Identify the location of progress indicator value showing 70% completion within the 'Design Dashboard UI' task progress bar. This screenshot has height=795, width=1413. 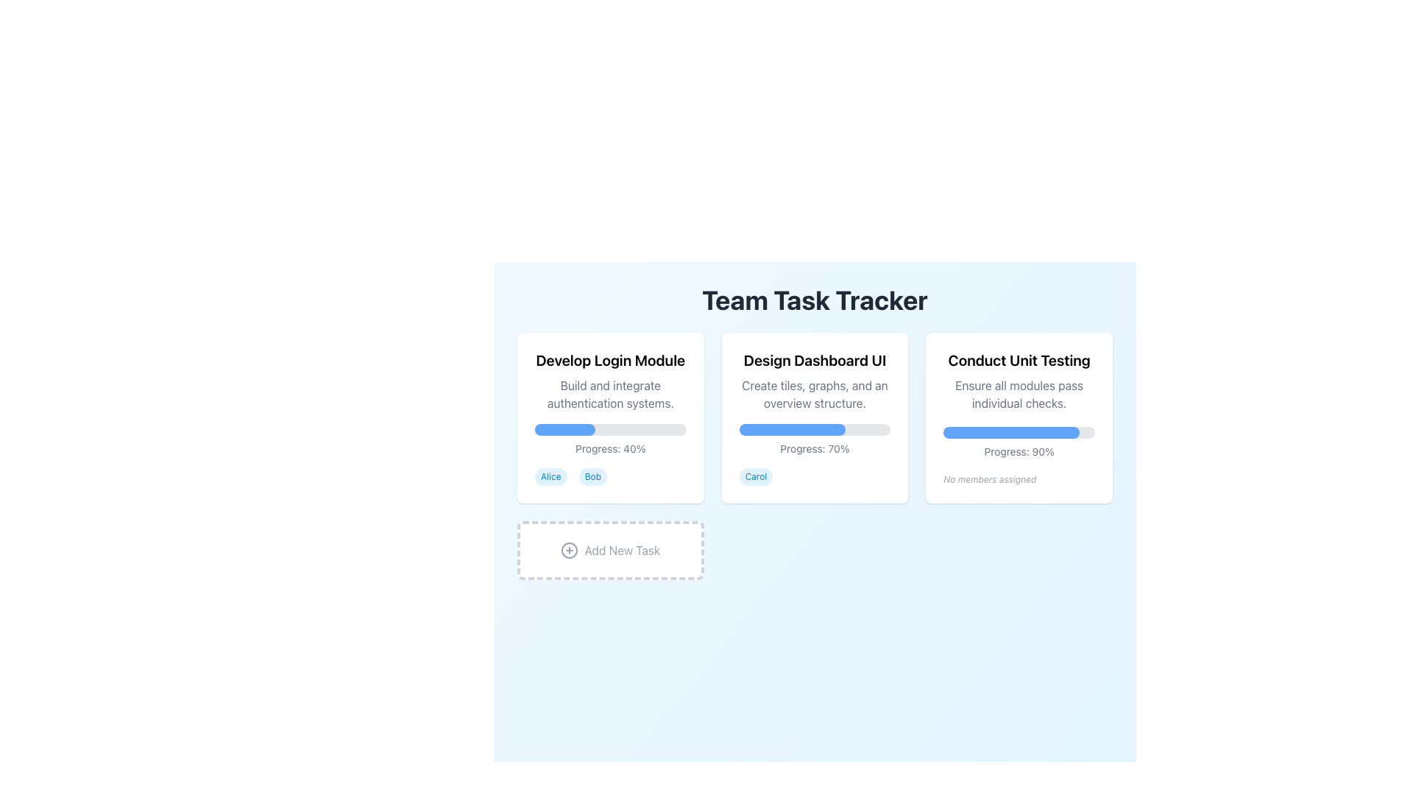
(791, 429).